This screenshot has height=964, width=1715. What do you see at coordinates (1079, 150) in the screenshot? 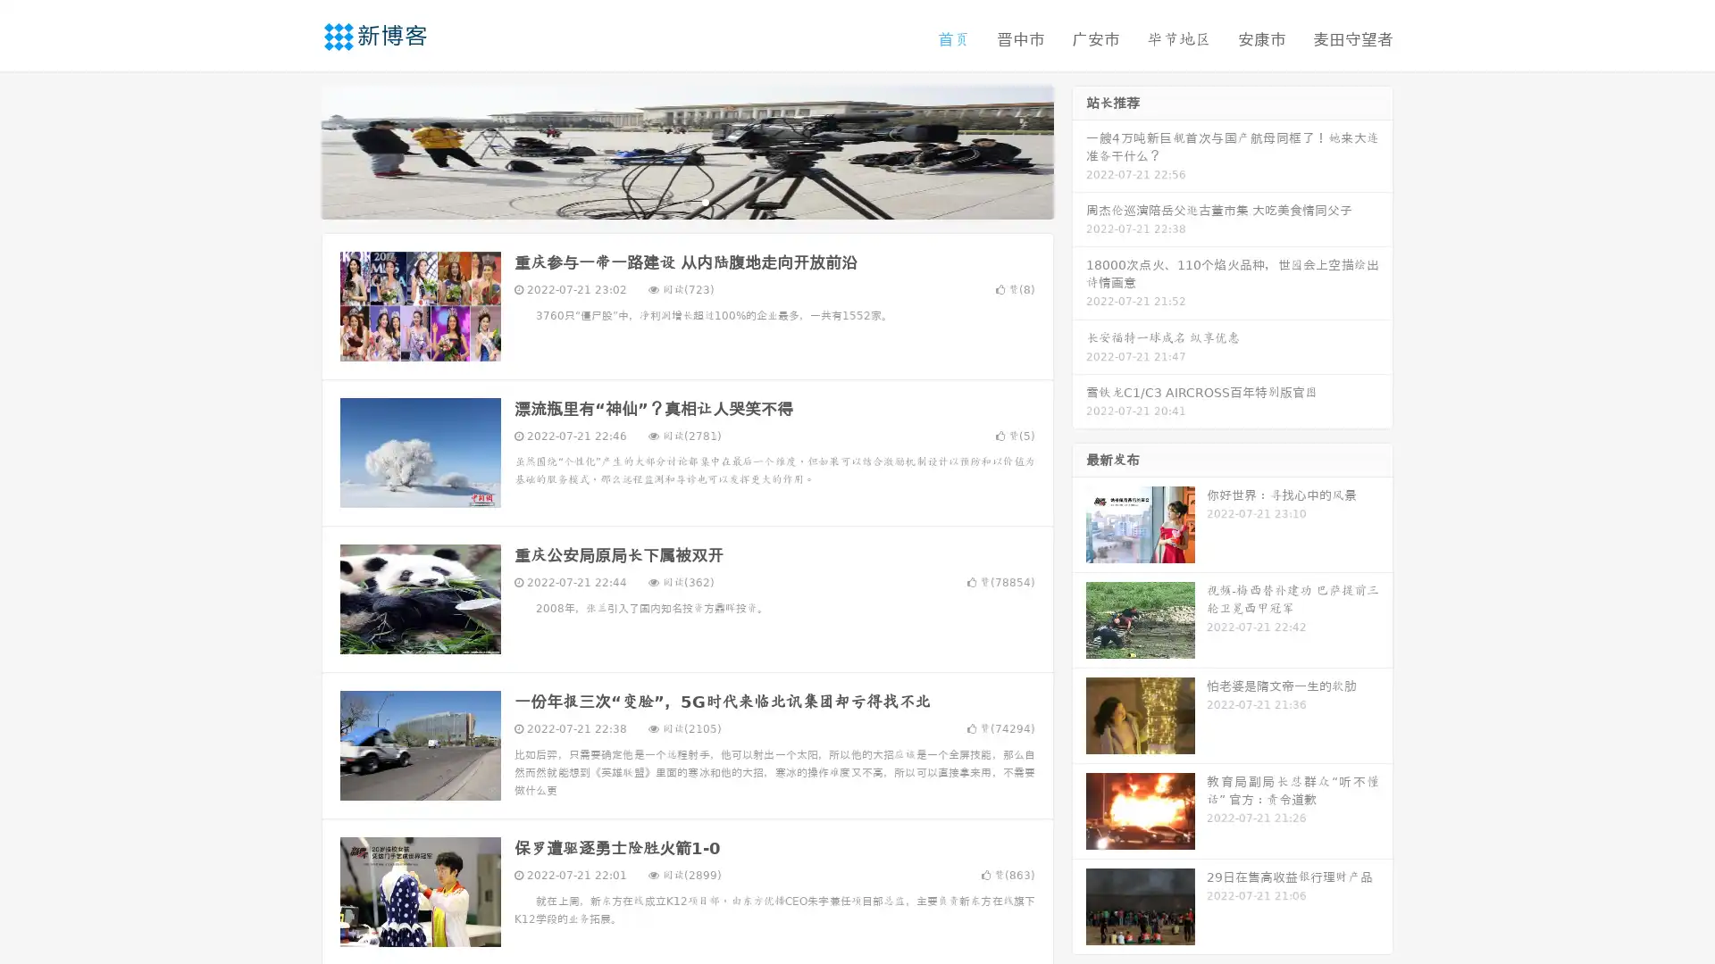
I see `Next slide` at bounding box center [1079, 150].